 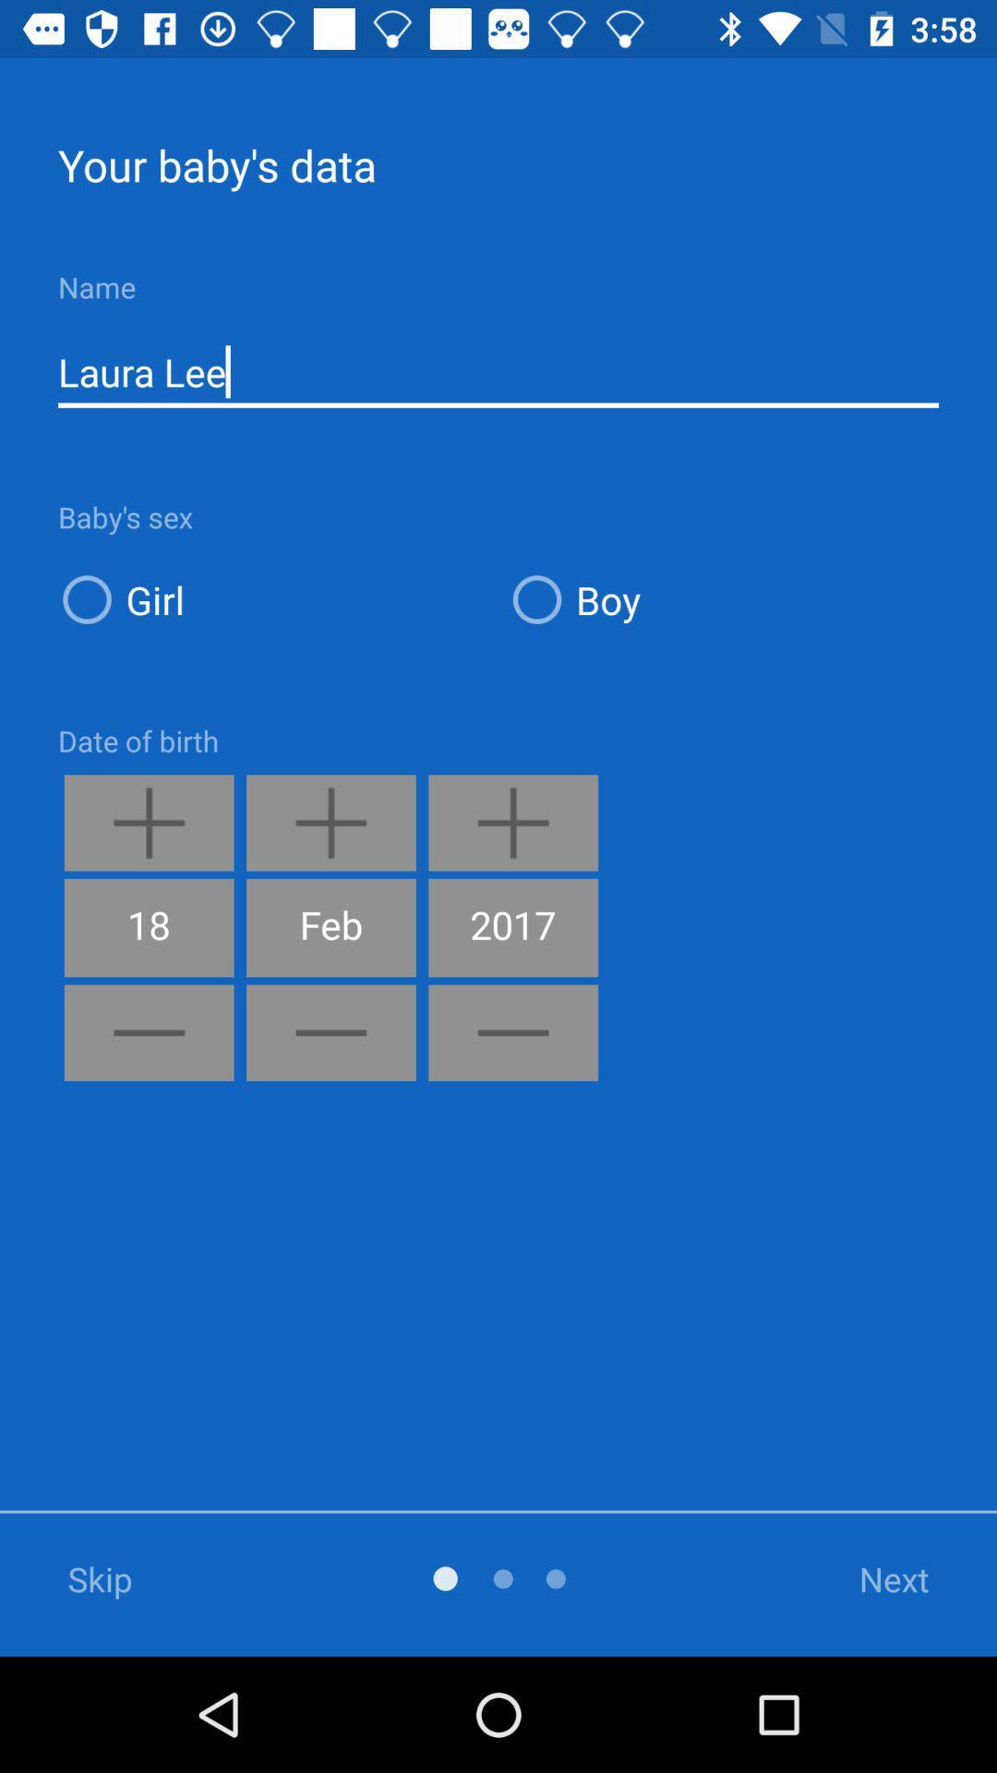 What do you see at coordinates (273, 599) in the screenshot?
I see `girl icon` at bounding box center [273, 599].